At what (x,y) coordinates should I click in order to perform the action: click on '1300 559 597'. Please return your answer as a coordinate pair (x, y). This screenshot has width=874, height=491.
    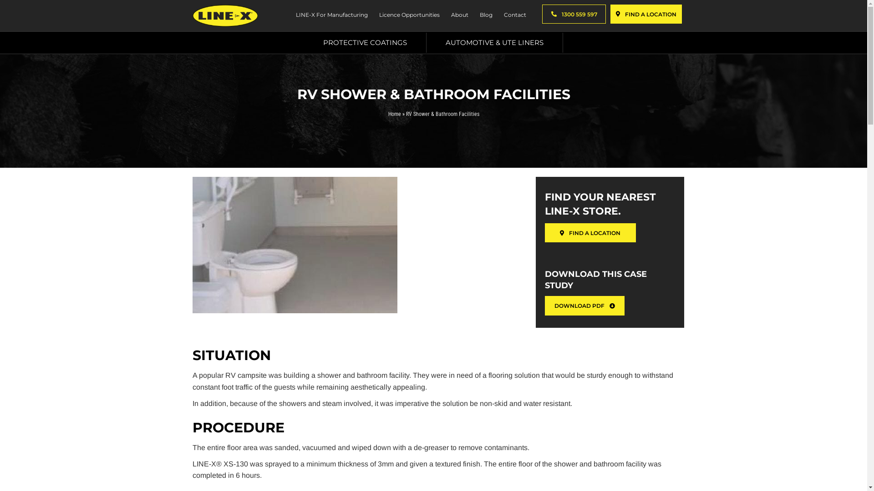
    Looking at the image, I should click on (573, 14).